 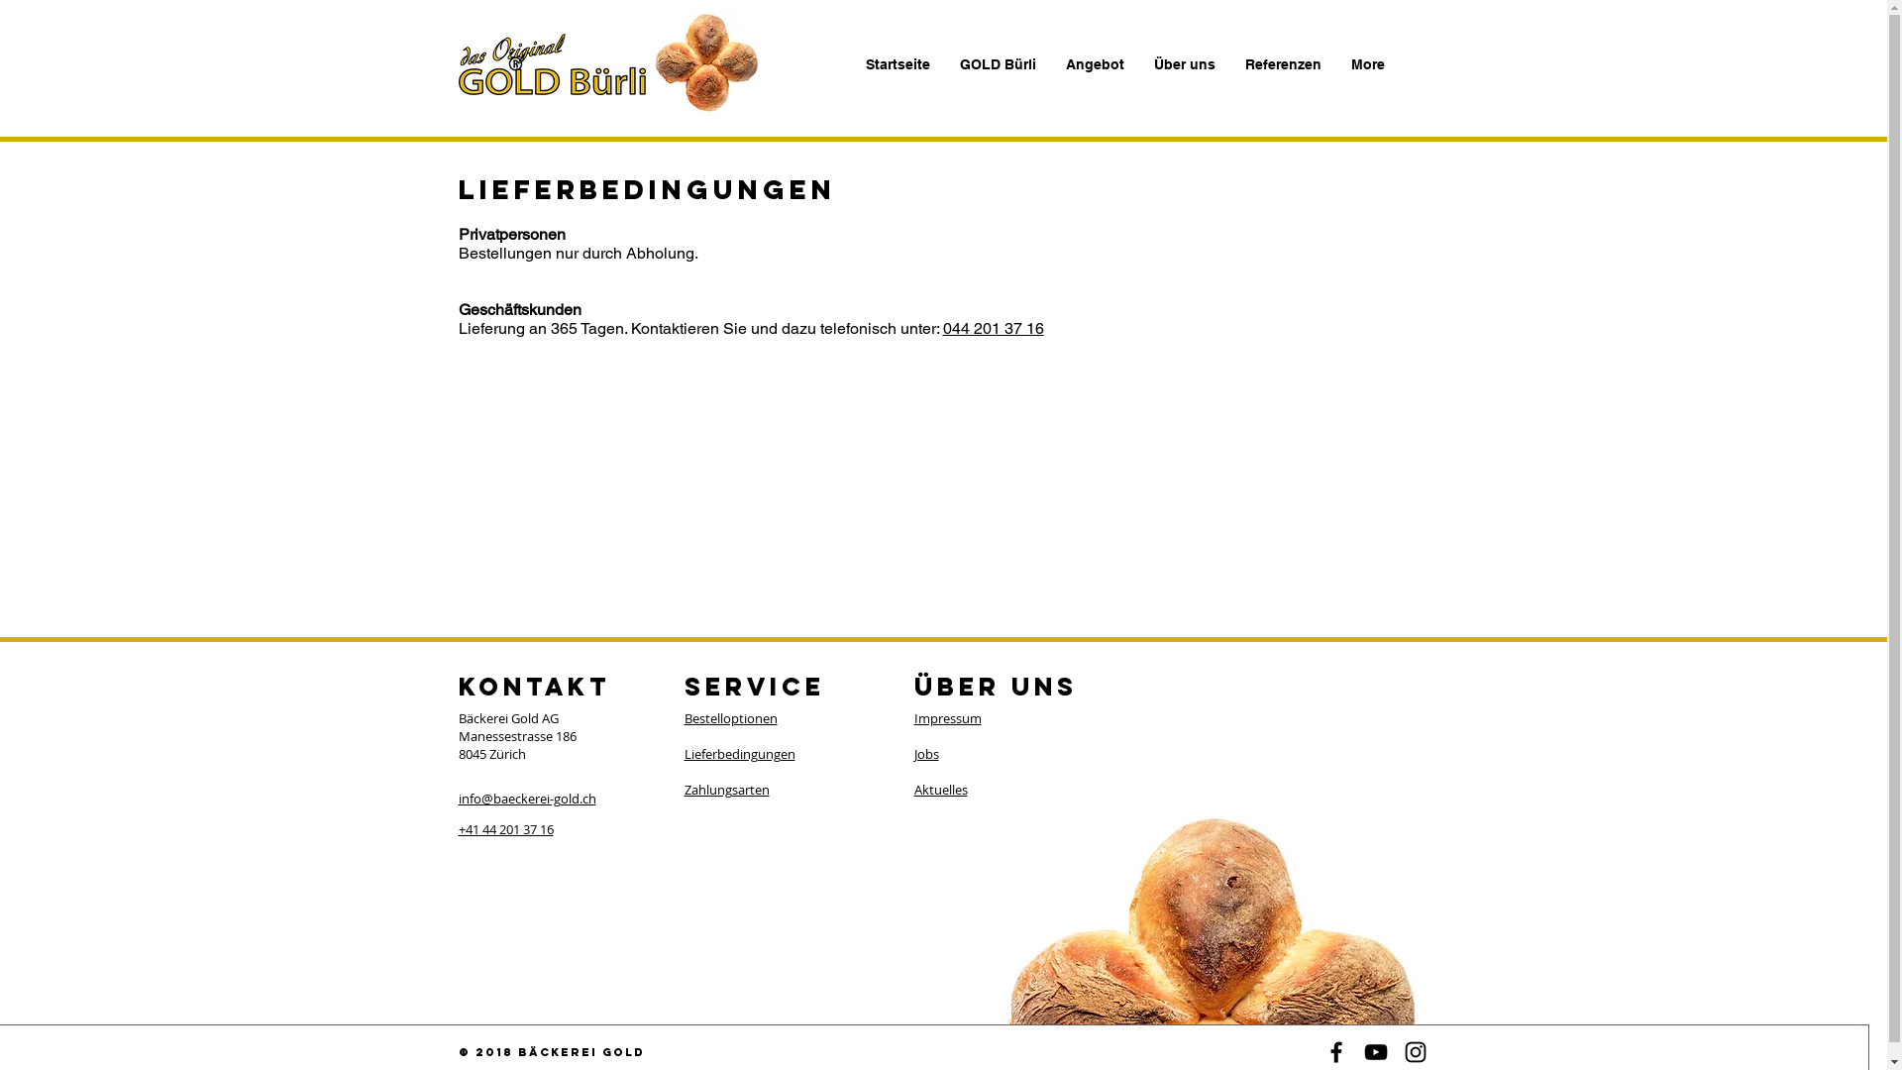 I want to click on 'Aktuelles', so click(x=911, y=789).